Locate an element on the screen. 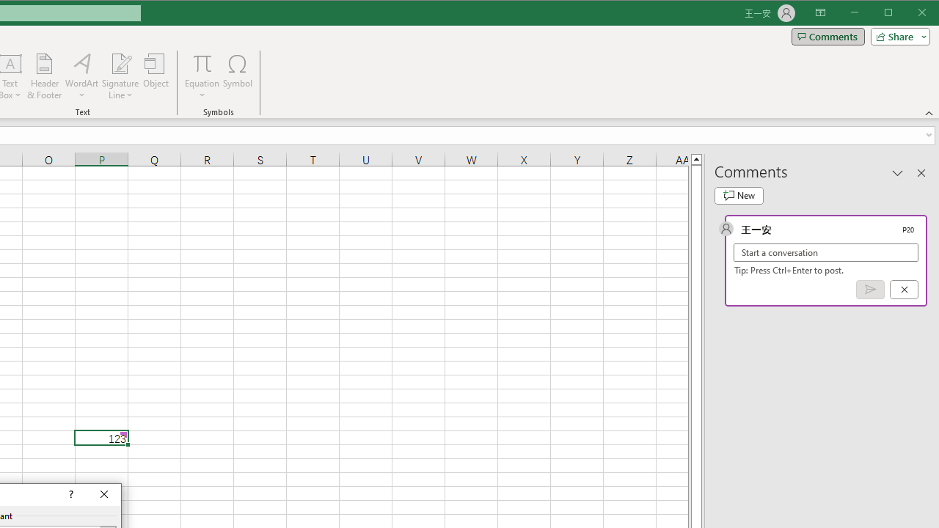 Image resolution: width=939 pixels, height=528 pixels. 'Object...' is located at coordinates (156, 76).